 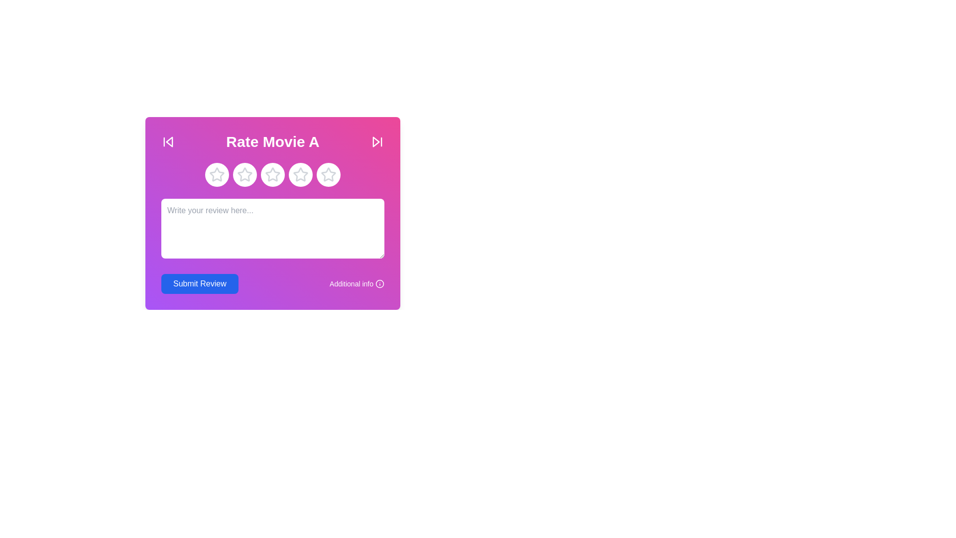 I want to click on the third star in the row of five rating stars, which has a light gray outline and is set against a purple-pink gradient background, so click(x=300, y=174).